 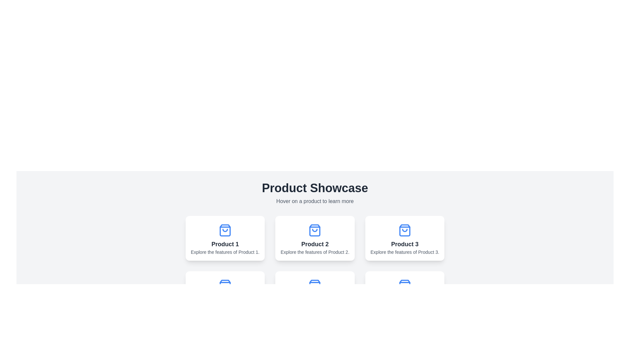 I want to click on the text 'Product 1' on the product card in the top-left corner of the grid layout, so click(x=225, y=238).